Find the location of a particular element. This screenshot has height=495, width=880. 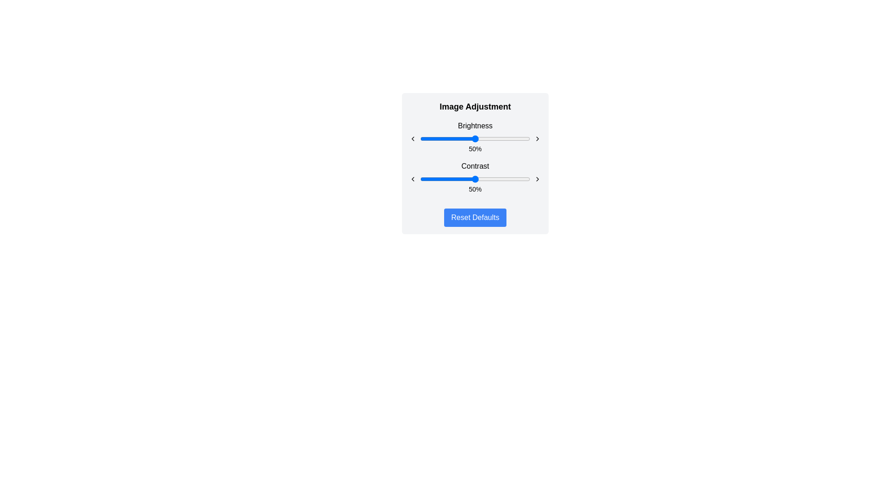

brightness is located at coordinates (427, 139).